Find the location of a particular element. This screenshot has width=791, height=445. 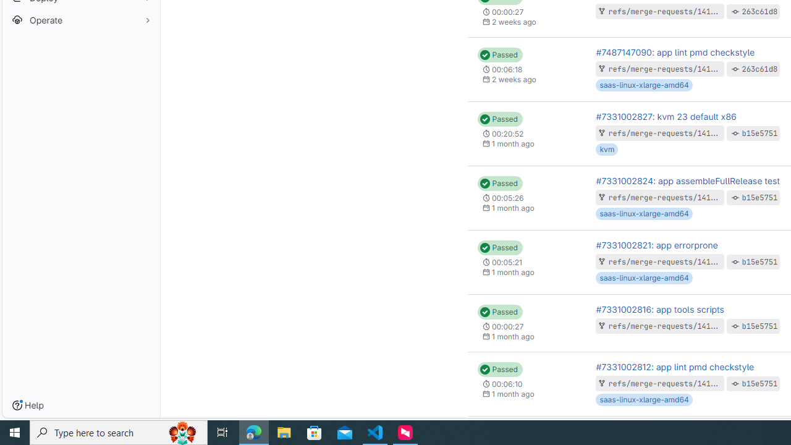

'#7331002824: app assembleFullRelease test' is located at coordinates (687, 180).